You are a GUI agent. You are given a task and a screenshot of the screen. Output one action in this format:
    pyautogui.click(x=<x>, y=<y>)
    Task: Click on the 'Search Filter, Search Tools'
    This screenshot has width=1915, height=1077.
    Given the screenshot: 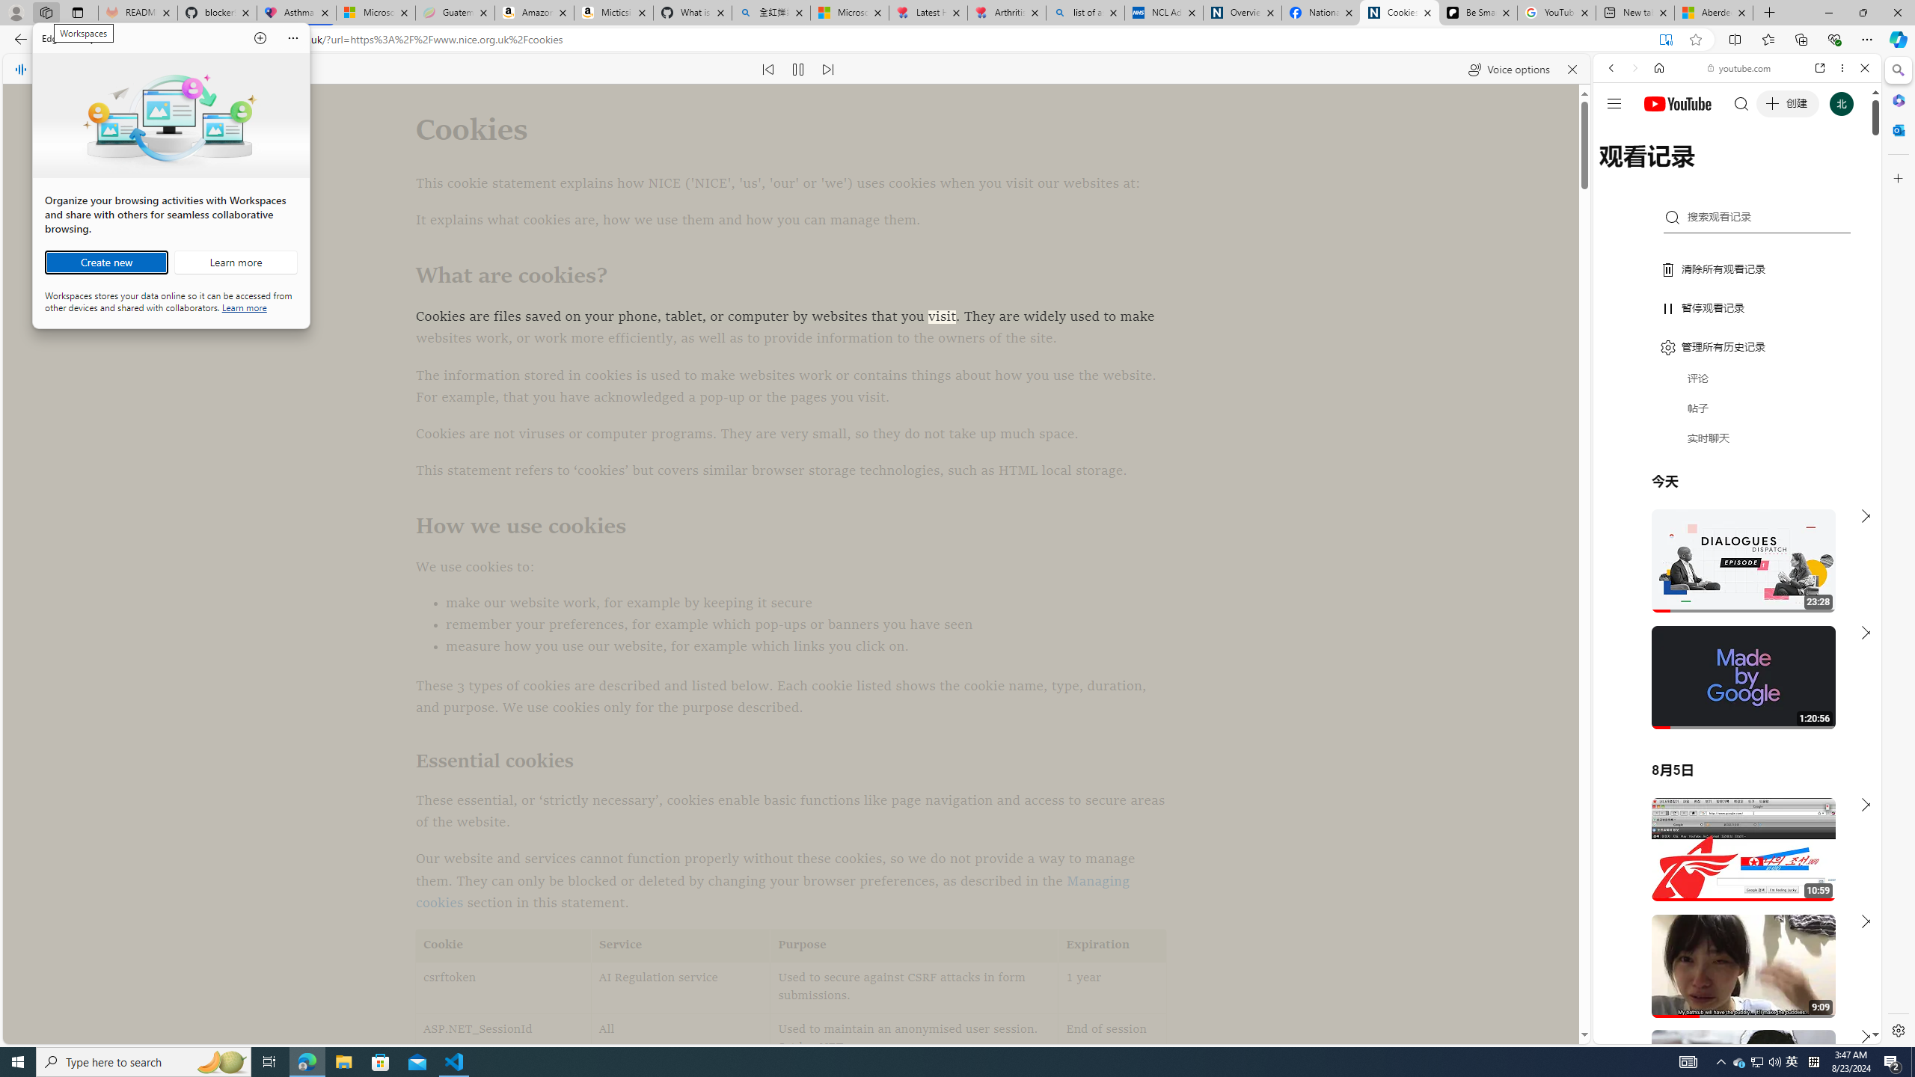 What is the action you would take?
    pyautogui.click(x=1775, y=170)
    